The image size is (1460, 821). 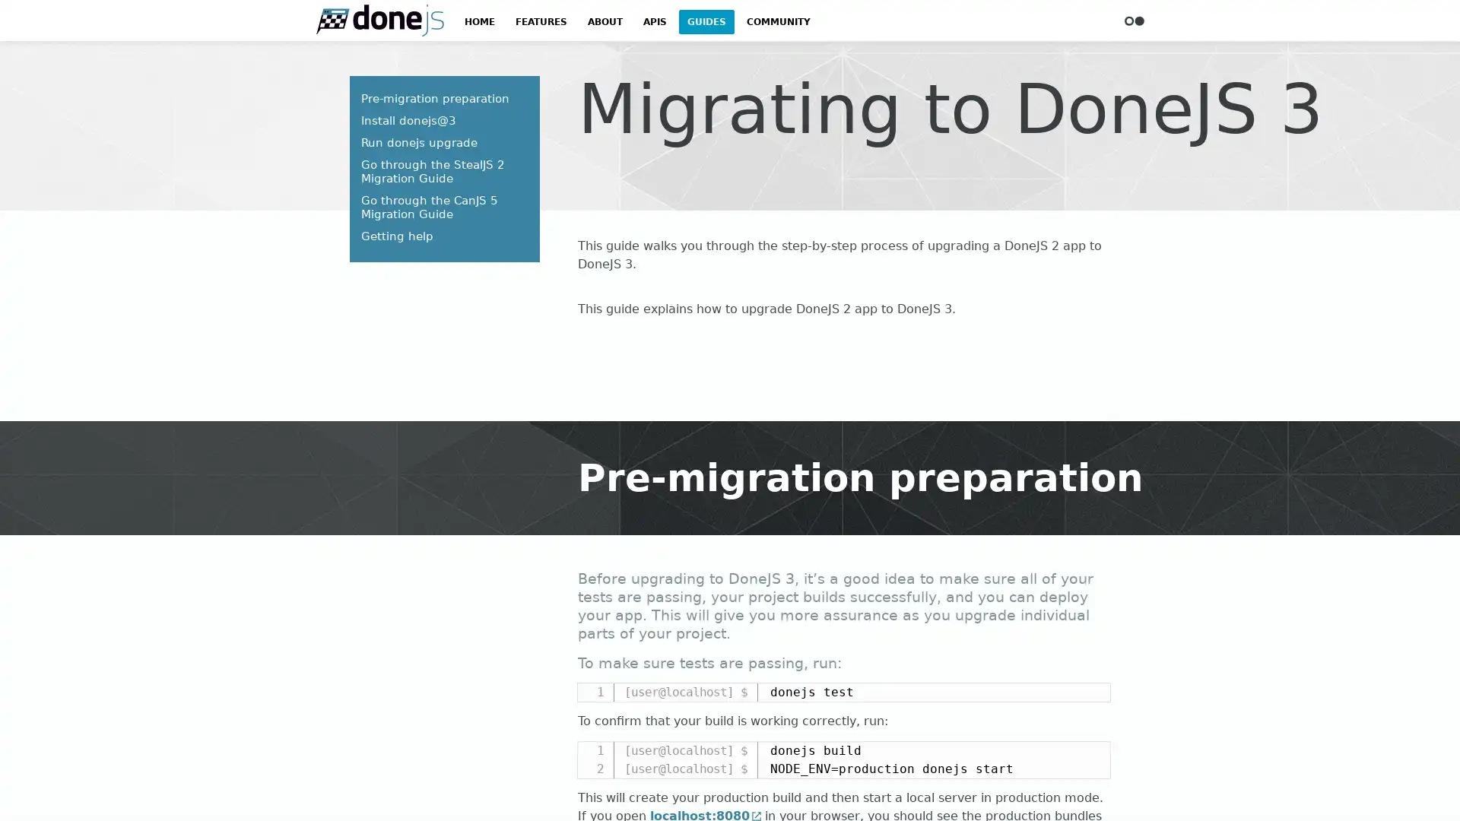 I want to click on Copy, so click(x=1091, y=694).